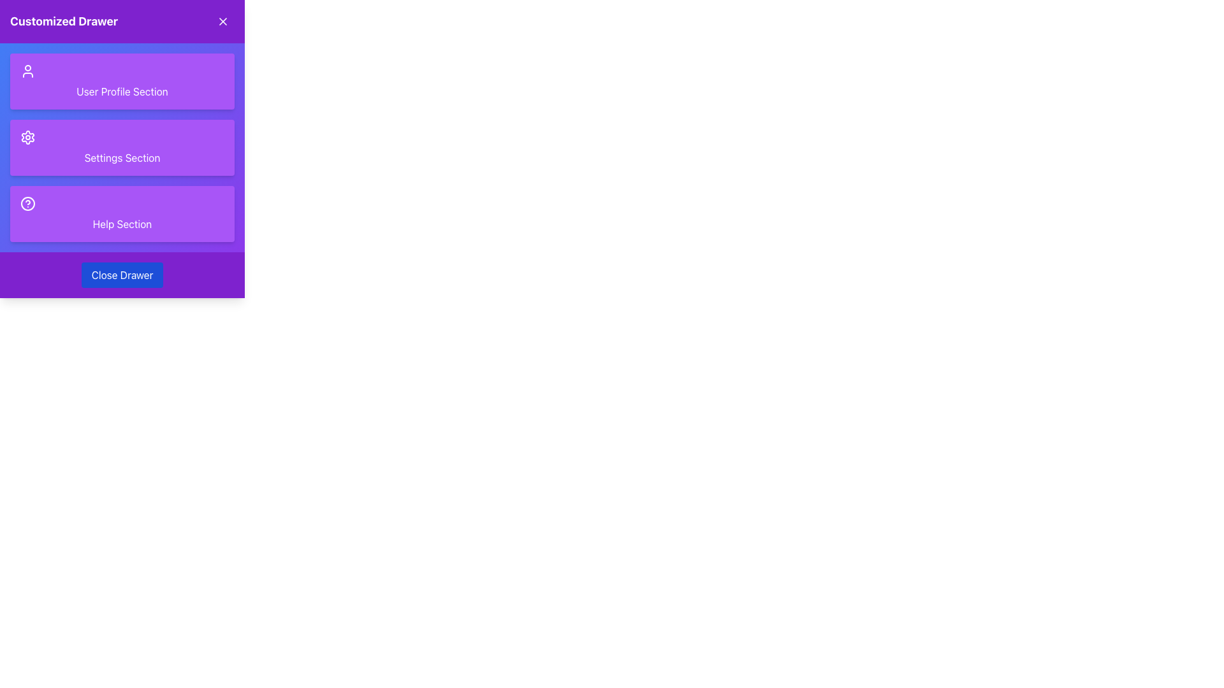 This screenshot has width=1224, height=688. I want to click on the user avatar icon, which is a circular head shape with shoulders, styled in white against a purple background, located in the 'User Profile Section' of the sidebar menu, so click(27, 71).